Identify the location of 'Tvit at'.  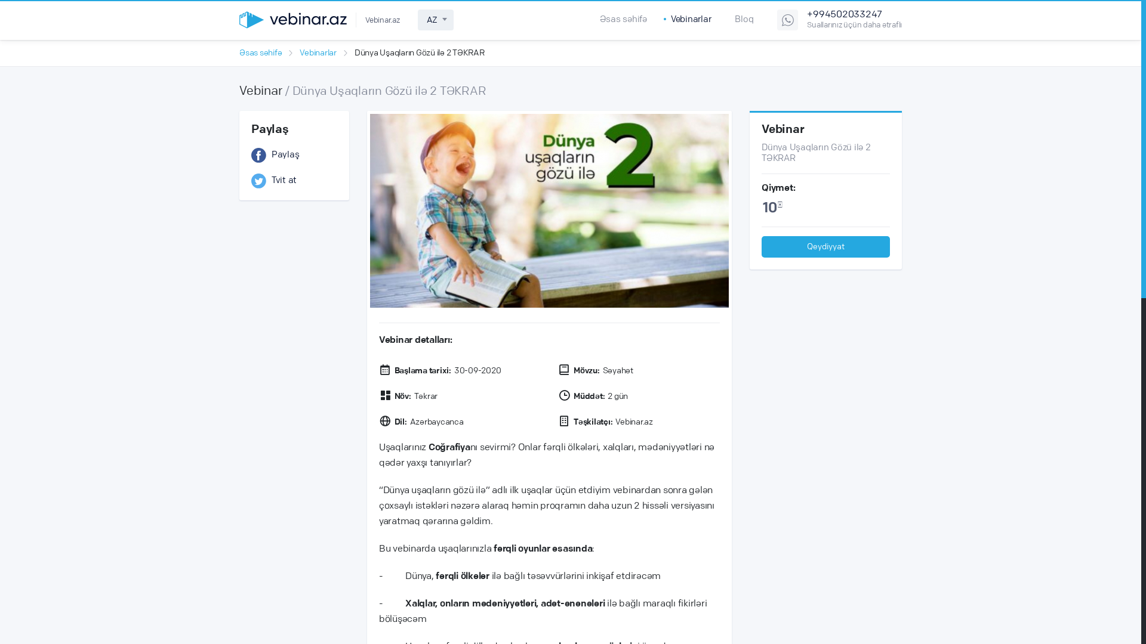
(294, 181).